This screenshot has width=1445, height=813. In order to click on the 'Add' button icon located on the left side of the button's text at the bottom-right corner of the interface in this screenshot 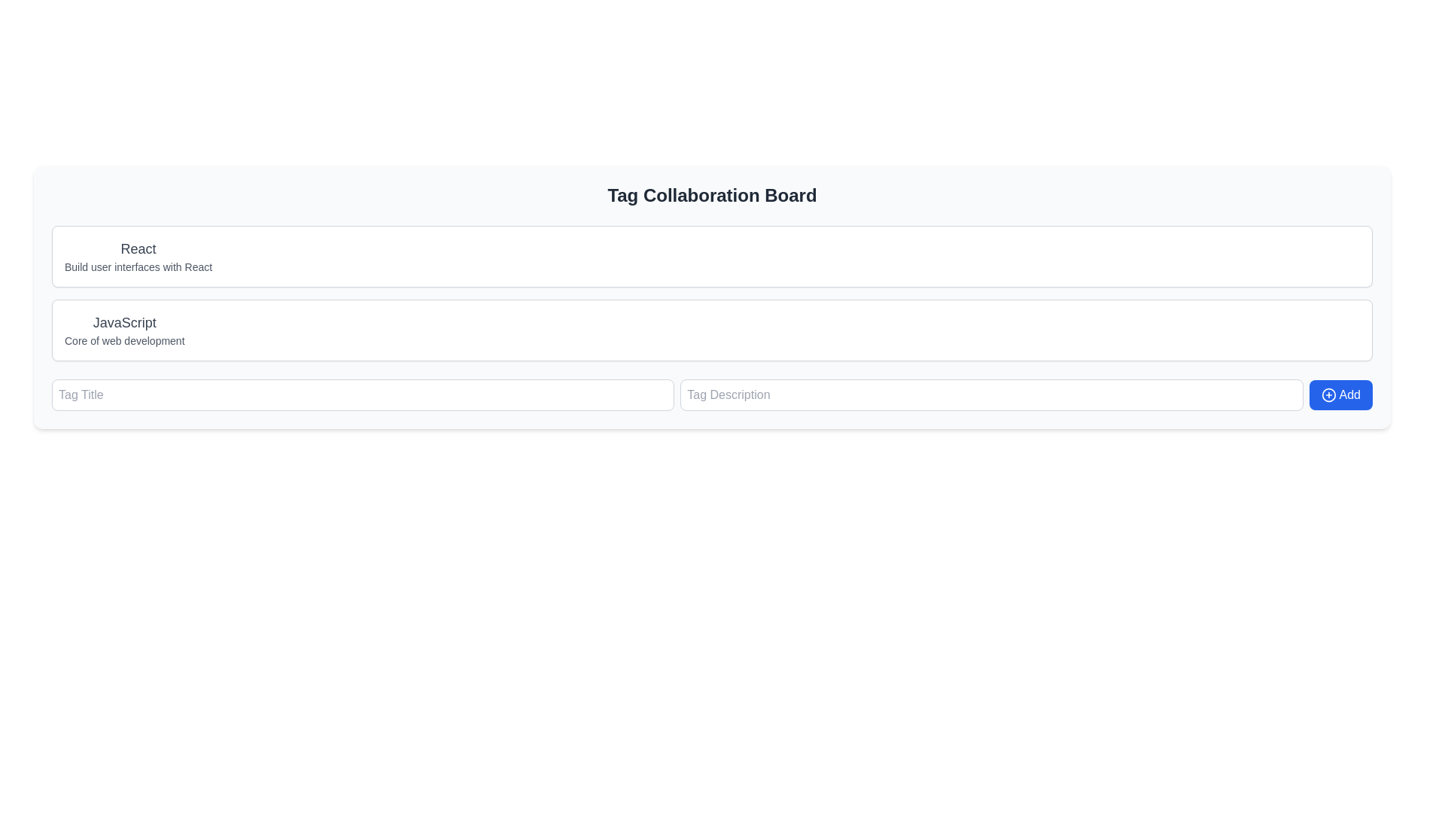, I will do `click(1328, 394)`.